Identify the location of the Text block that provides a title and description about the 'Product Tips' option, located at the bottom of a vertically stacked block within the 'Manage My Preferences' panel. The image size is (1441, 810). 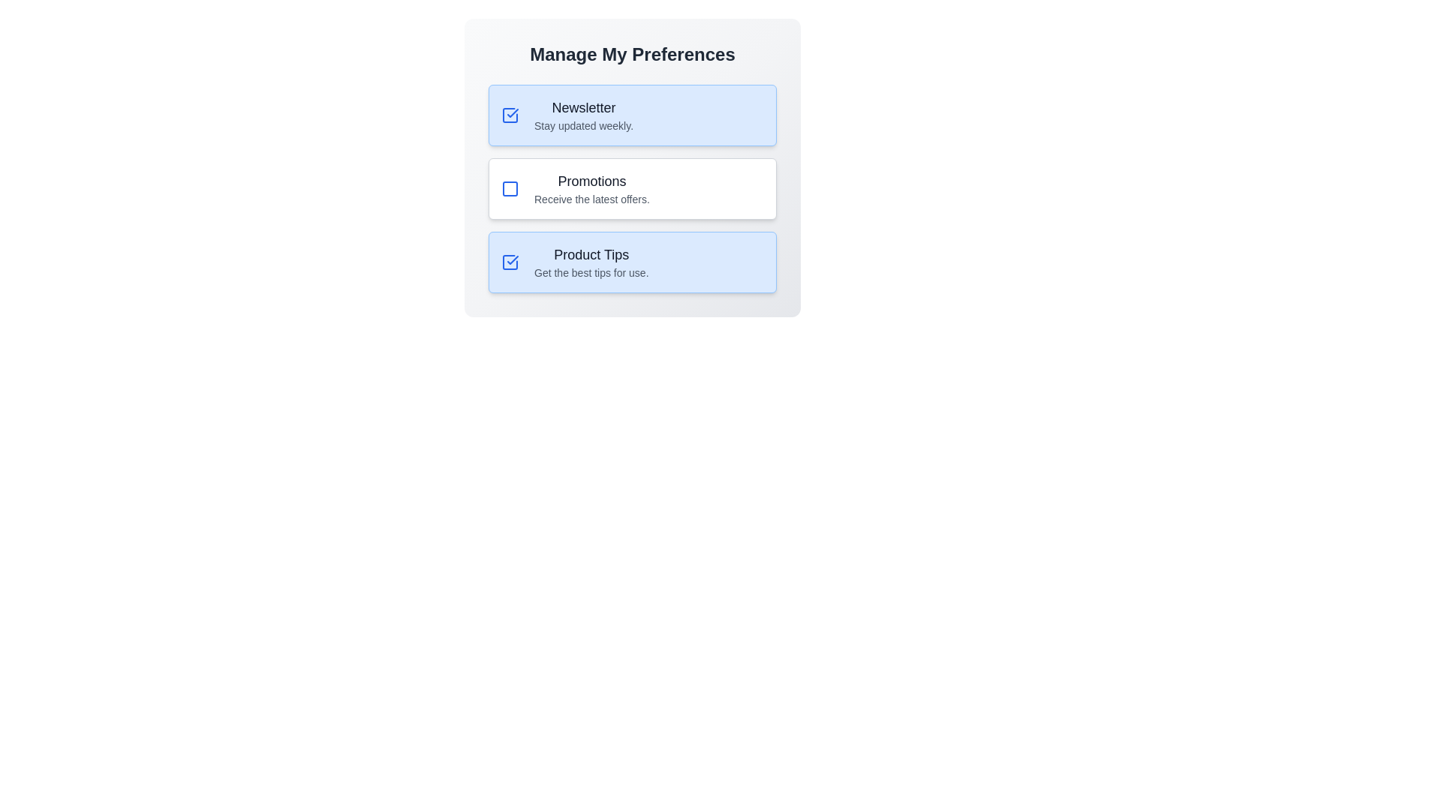
(591, 262).